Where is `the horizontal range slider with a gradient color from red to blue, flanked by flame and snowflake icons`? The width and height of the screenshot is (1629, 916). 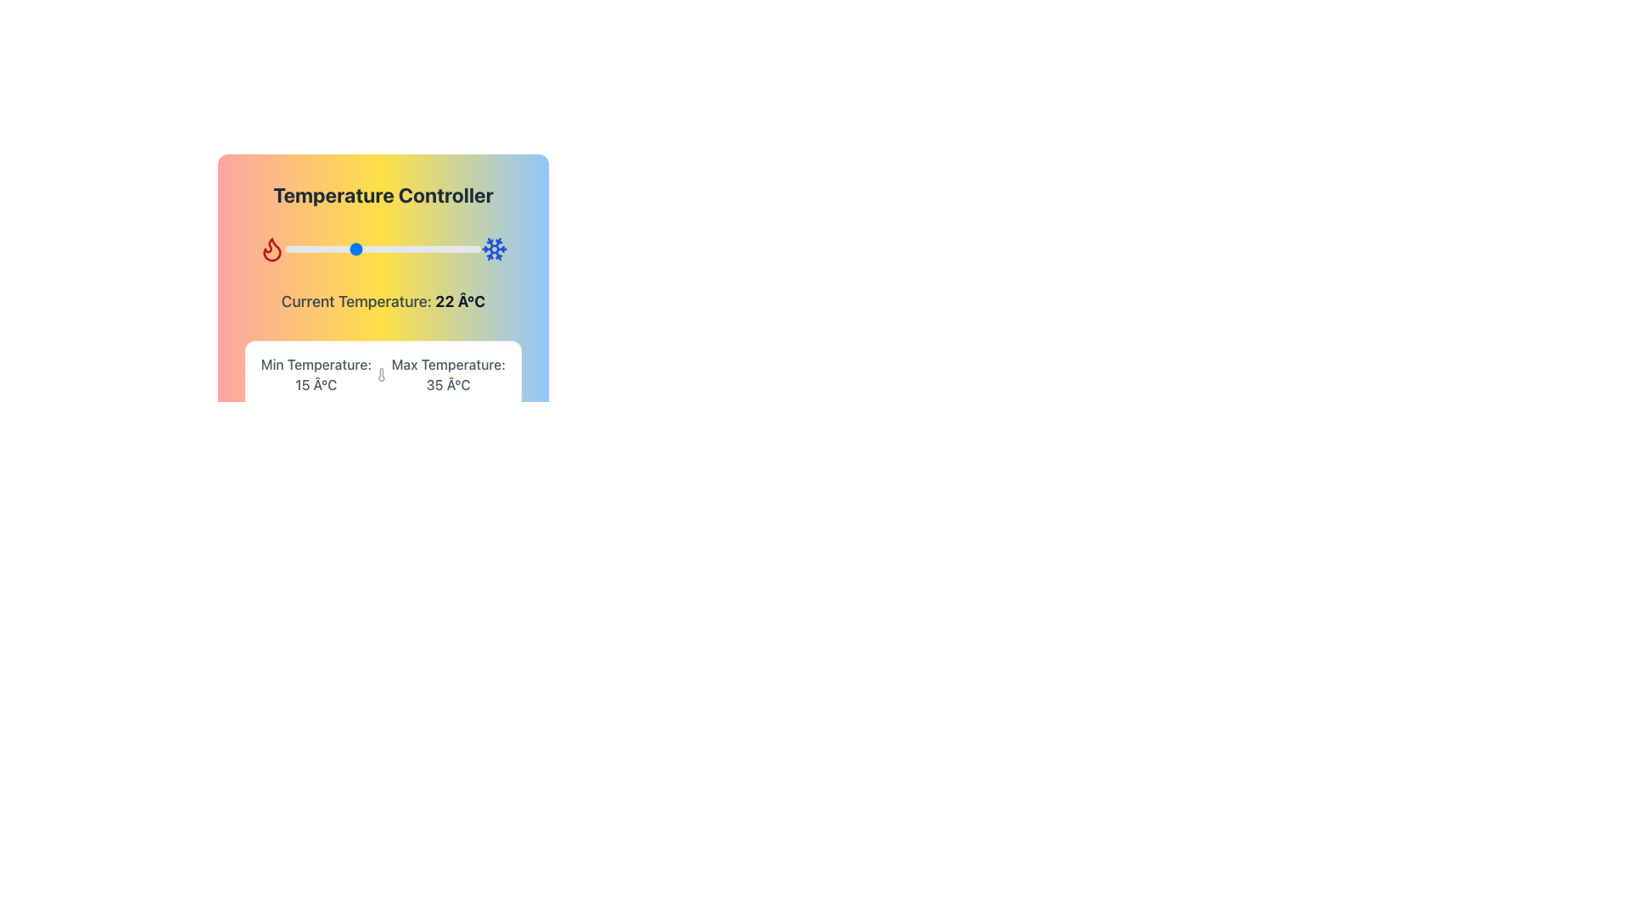
the horizontal range slider with a gradient color from red to blue, flanked by flame and snowflake icons is located at coordinates (382, 249).